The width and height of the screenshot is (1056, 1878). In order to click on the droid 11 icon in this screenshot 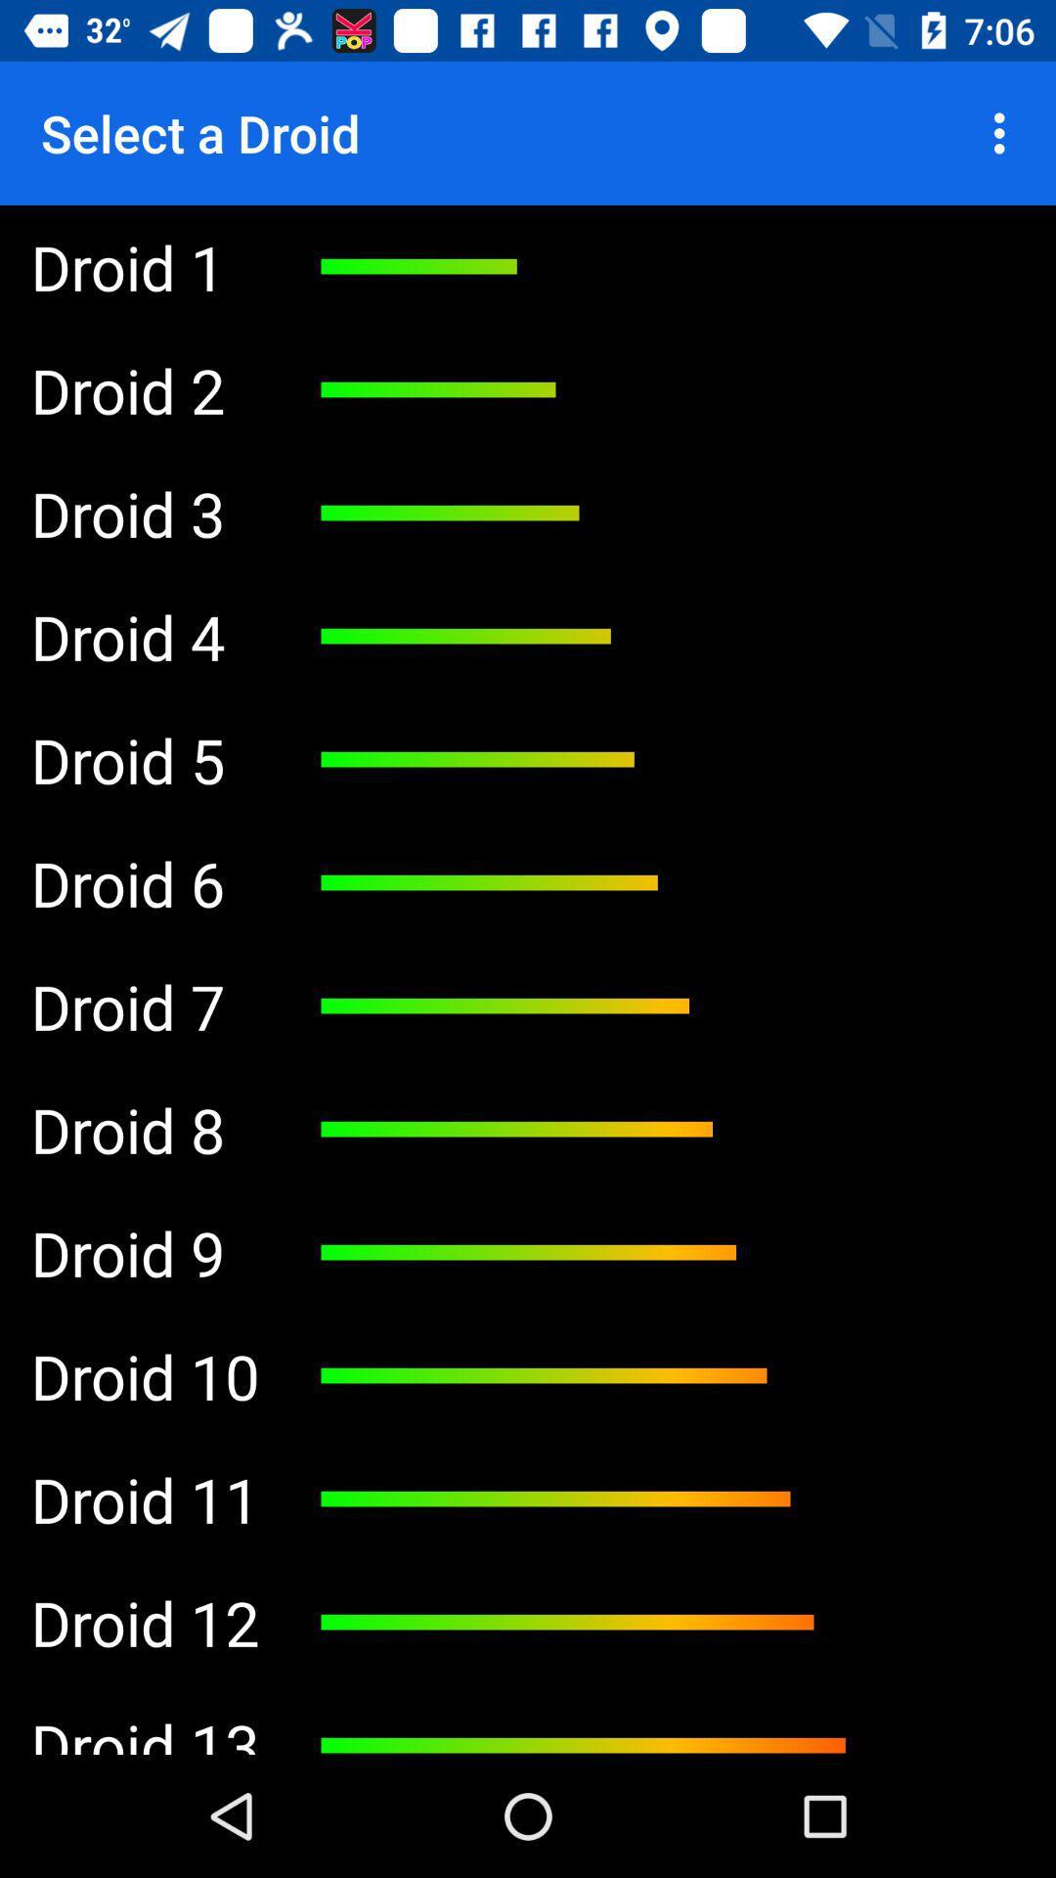, I will do `click(144, 1498)`.